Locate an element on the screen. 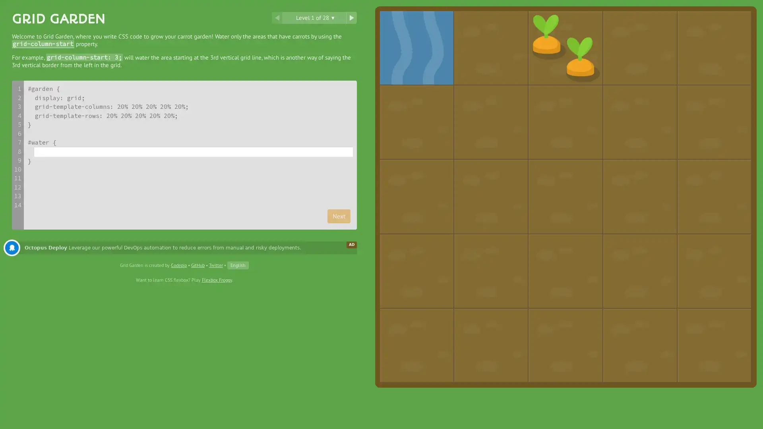  Next is located at coordinates (339, 216).